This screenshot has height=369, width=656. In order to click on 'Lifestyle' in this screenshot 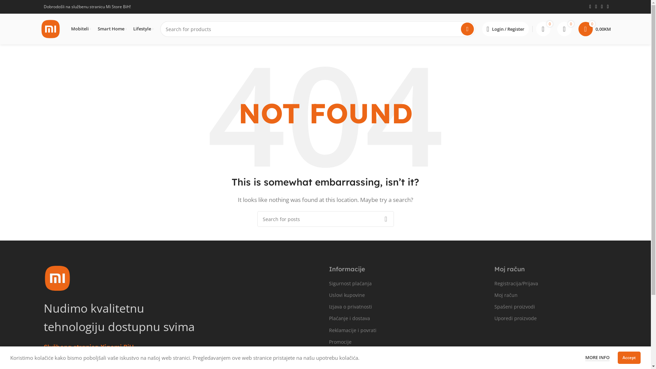, I will do `click(142, 28)`.